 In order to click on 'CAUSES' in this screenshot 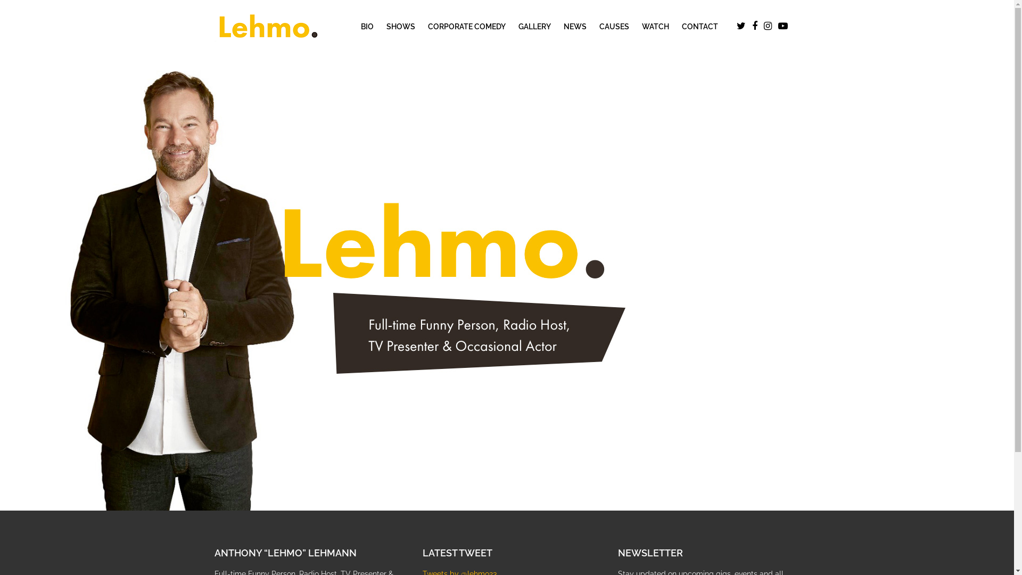, I will do `click(614, 26)`.